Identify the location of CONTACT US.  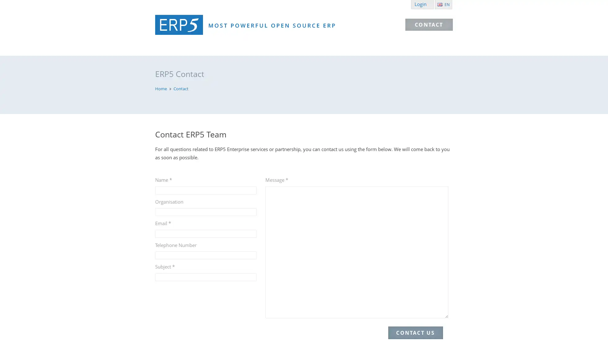
(415, 332).